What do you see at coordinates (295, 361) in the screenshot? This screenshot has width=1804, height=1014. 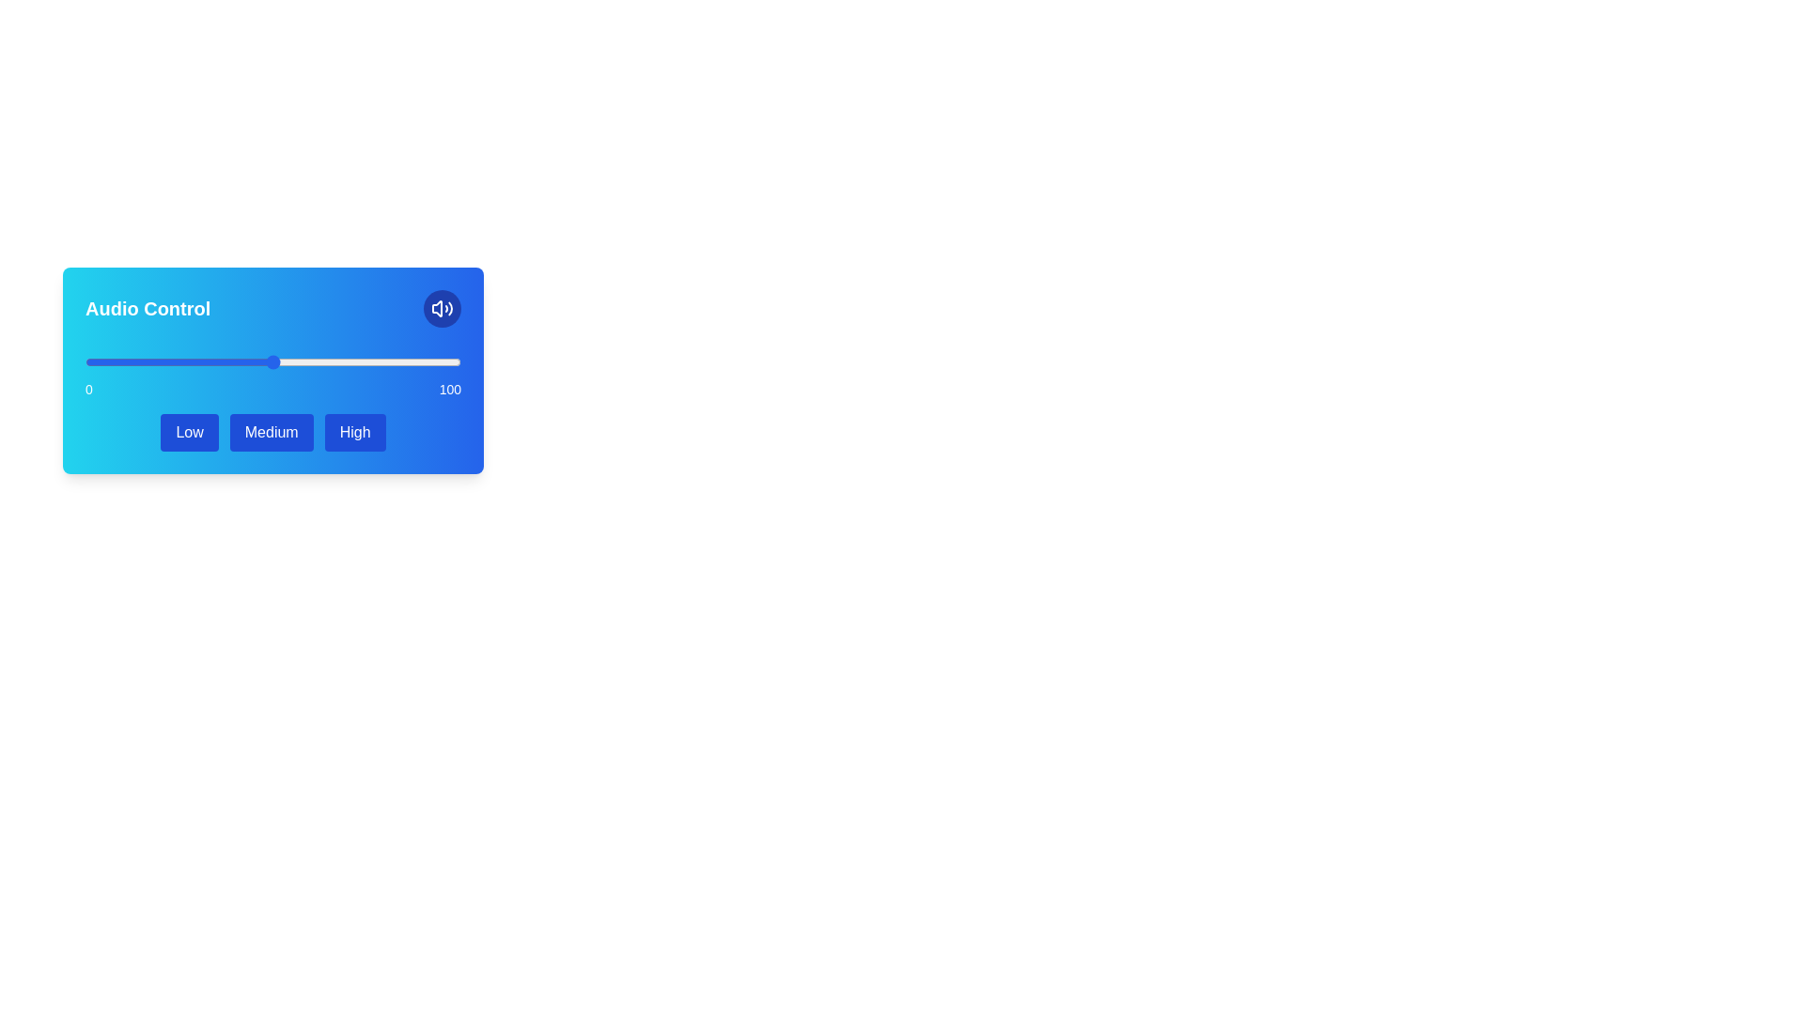 I see `the audio volume` at bounding box center [295, 361].